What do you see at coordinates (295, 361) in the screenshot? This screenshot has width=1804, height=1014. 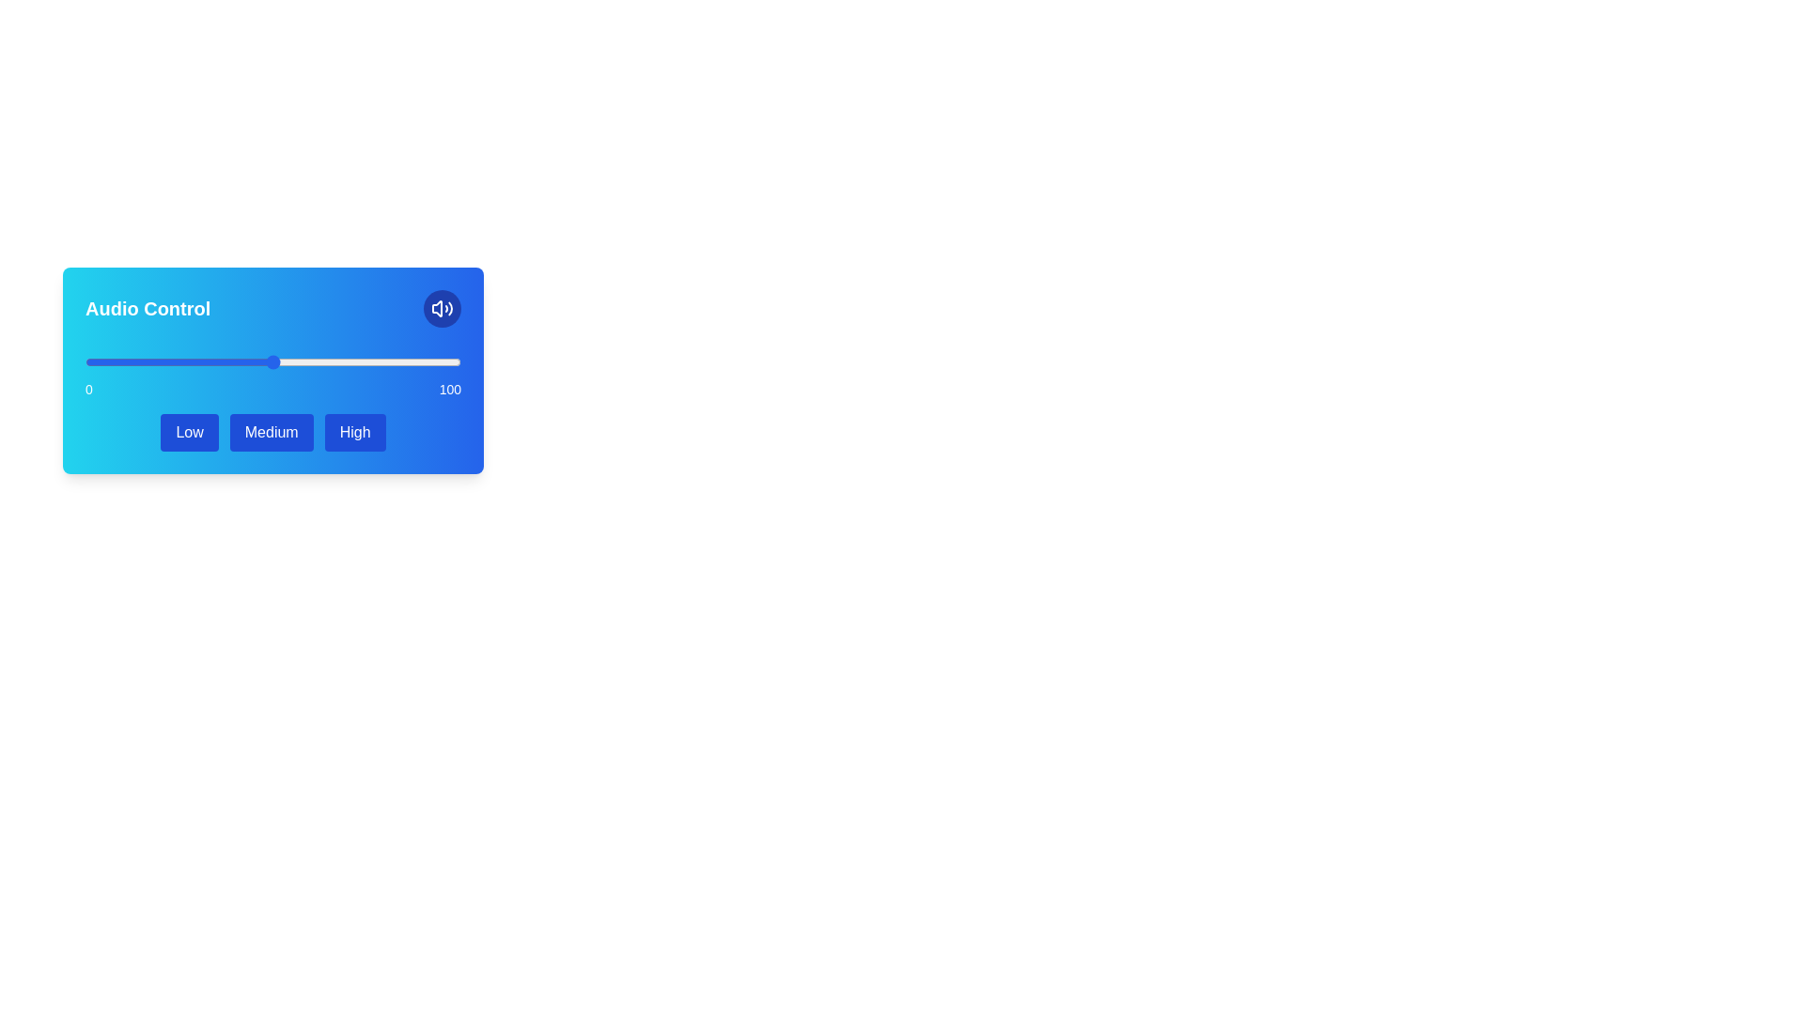 I see `the audio volume` at bounding box center [295, 361].